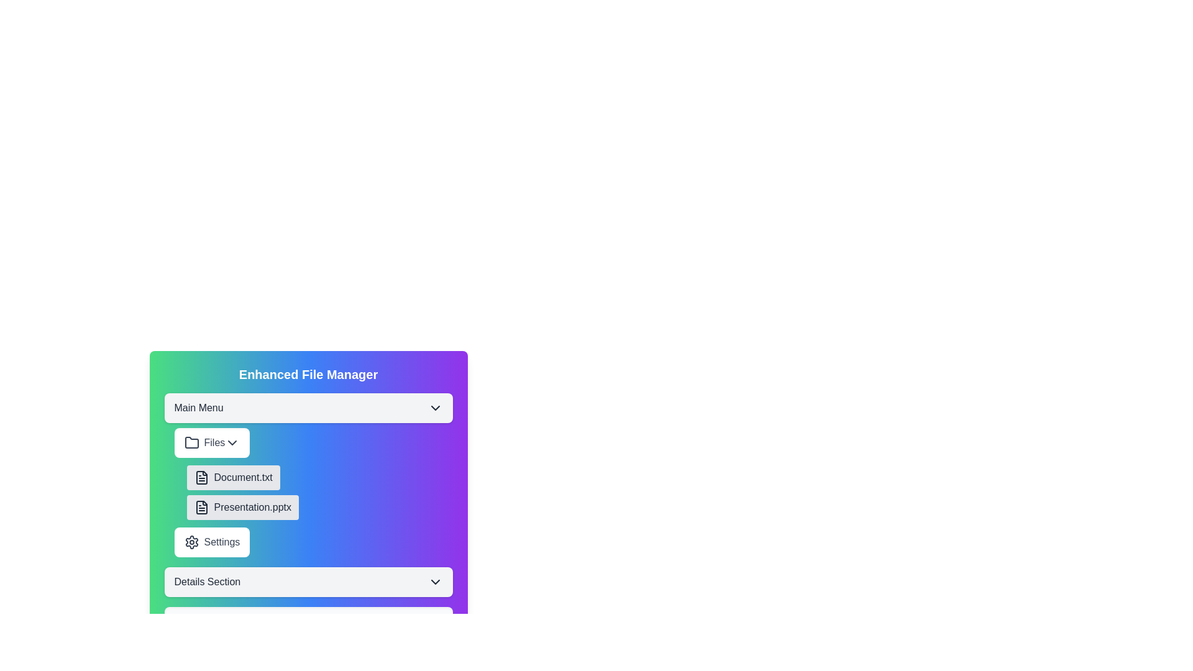 This screenshot has width=1193, height=671. I want to click on the button located at the bottom of the highlighted 'Enhanced File Manager' box, so click(308, 582).